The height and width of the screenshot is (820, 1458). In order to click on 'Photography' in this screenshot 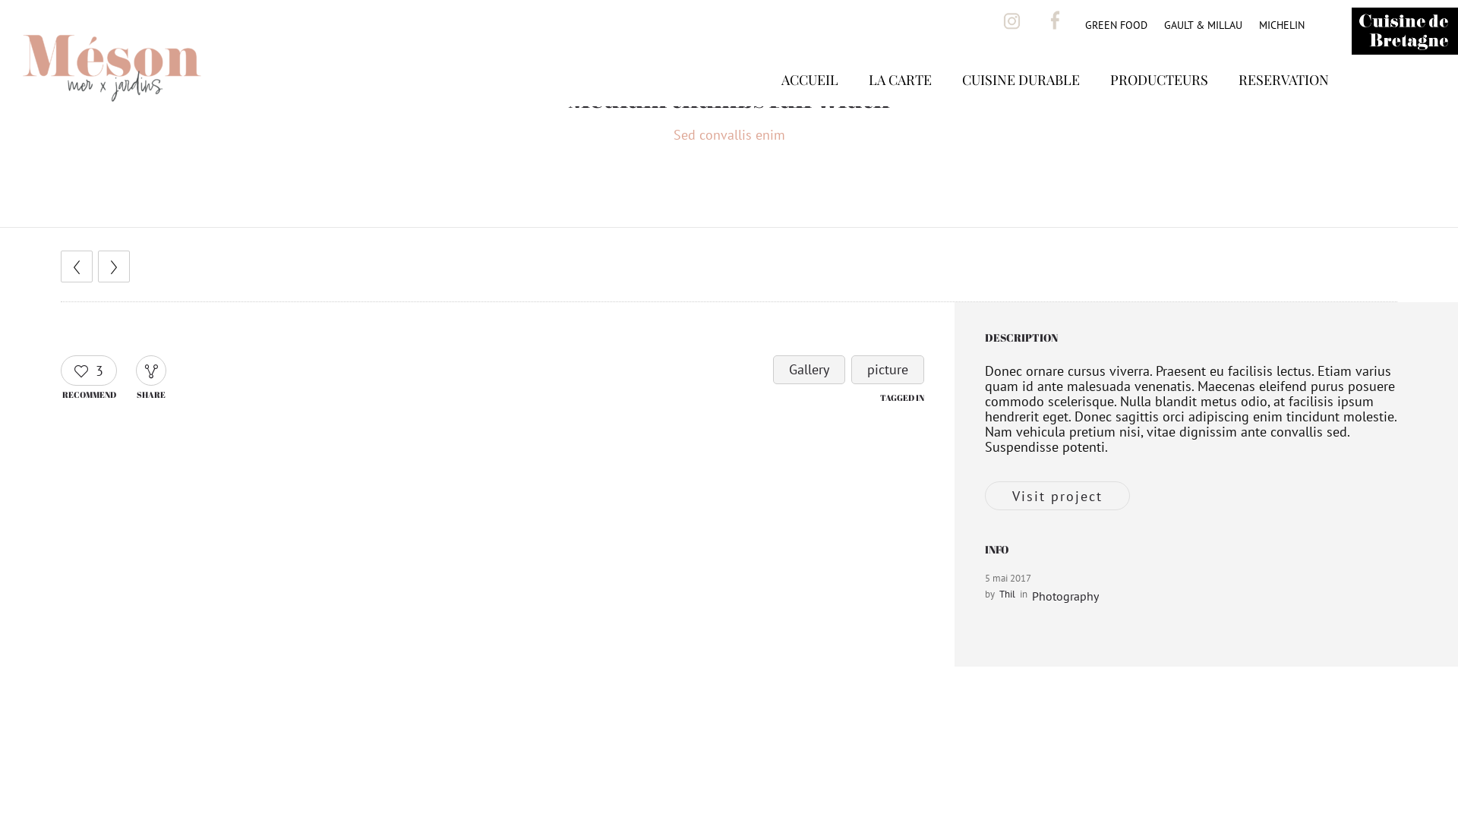, I will do `click(1064, 595)`.